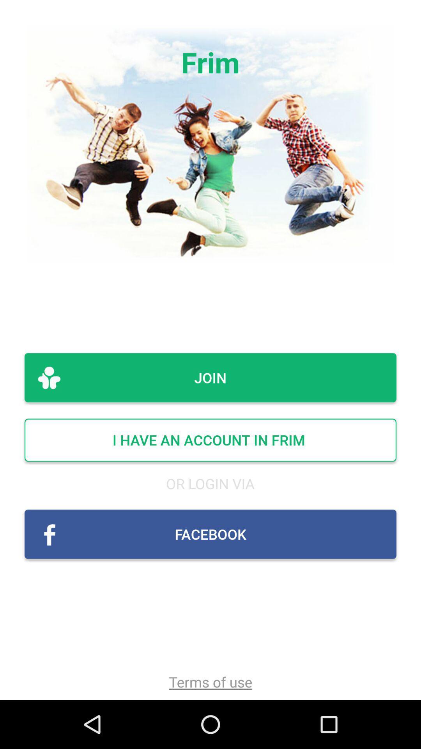  What do you see at coordinates (210, 534) in the screenshot?
I see `item below the or login via icon` at bounding box center [210, 534].